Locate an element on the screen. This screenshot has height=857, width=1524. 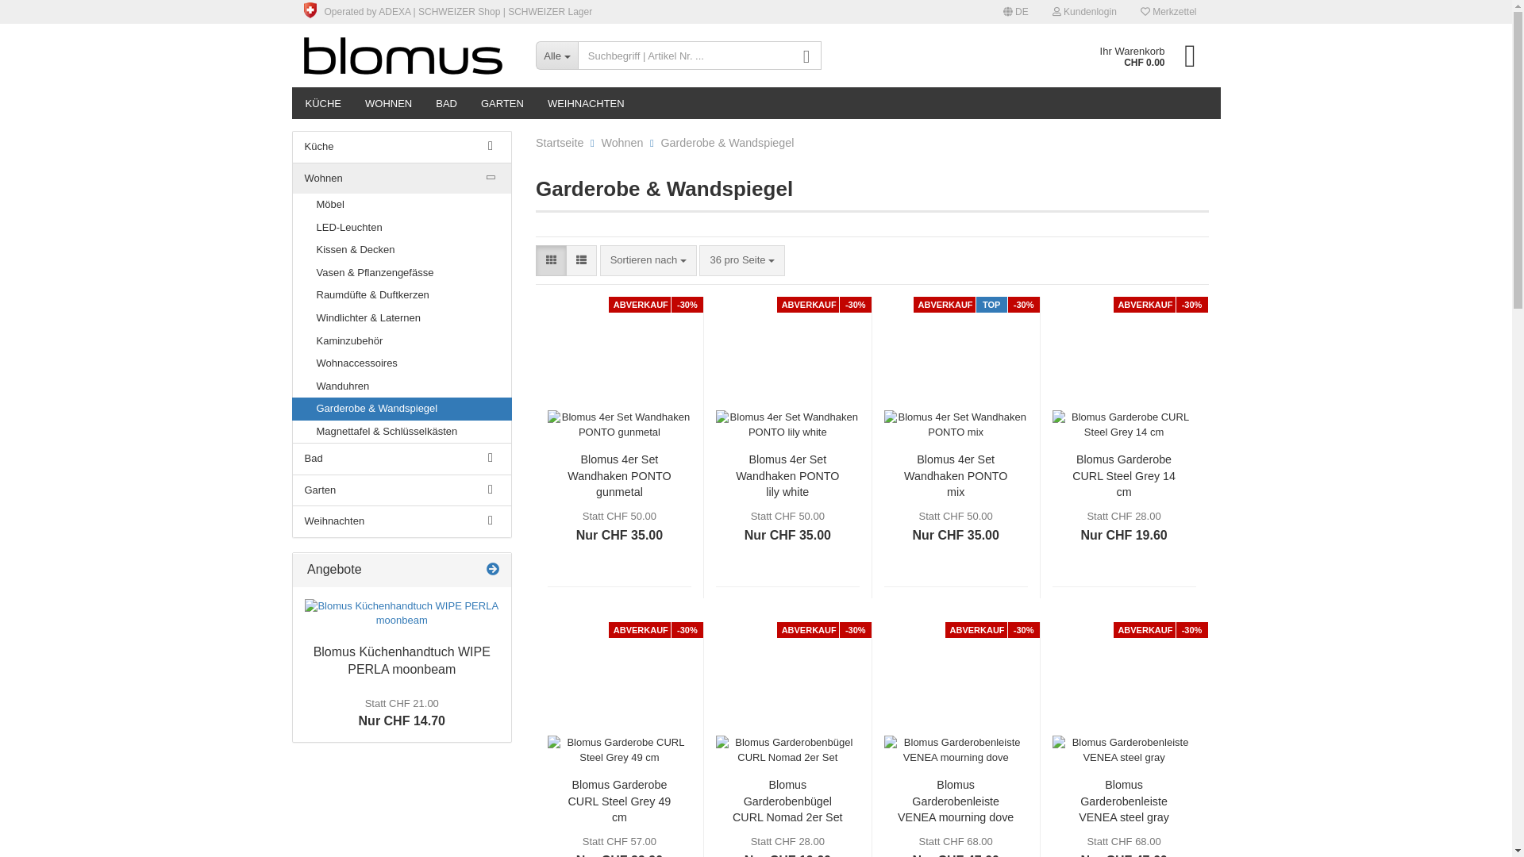
'GARTEN' is located at coordinates (502, 103).